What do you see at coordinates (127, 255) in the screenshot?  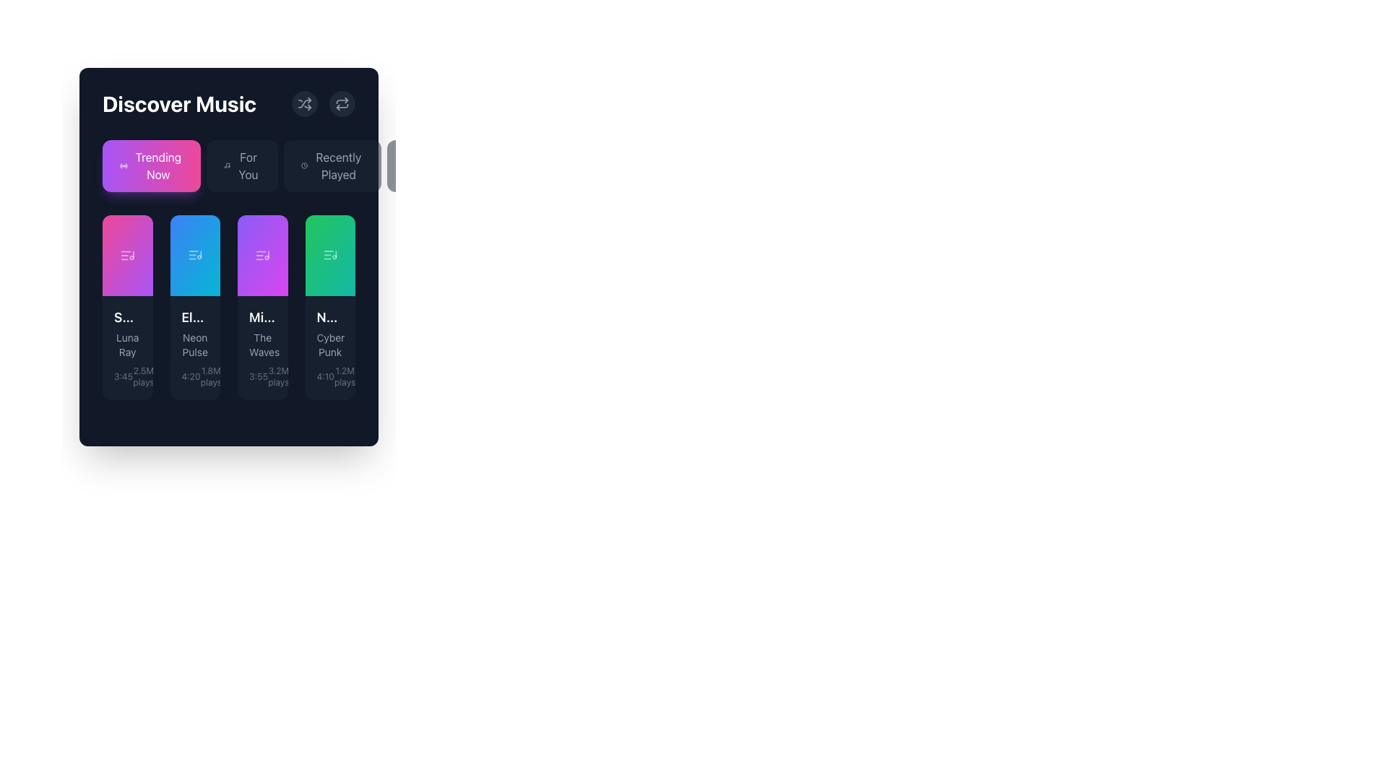 I see `the musical note icon located at the center of a pink gradient background in the 'Trending Now' section of the 'Discover Music' interface` at bounding box center [127, 255].